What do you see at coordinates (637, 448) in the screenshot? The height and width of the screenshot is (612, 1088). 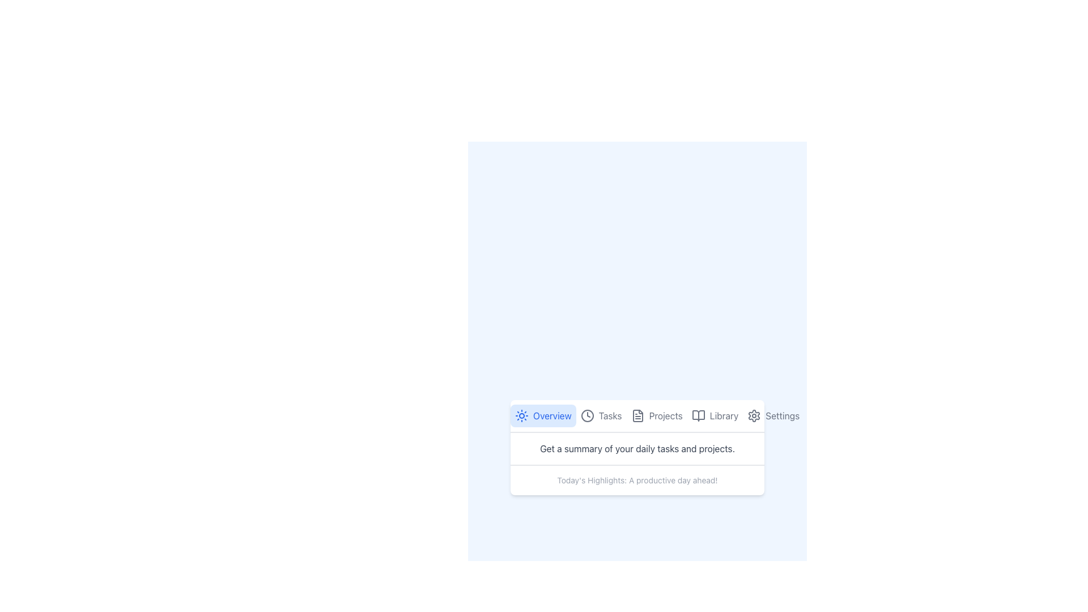 I see `the static text element that contains 'Get a summary of your daily tasks and projects.' styled in gray font, located within a white card below the overview section` at bounding box center [637, 448].